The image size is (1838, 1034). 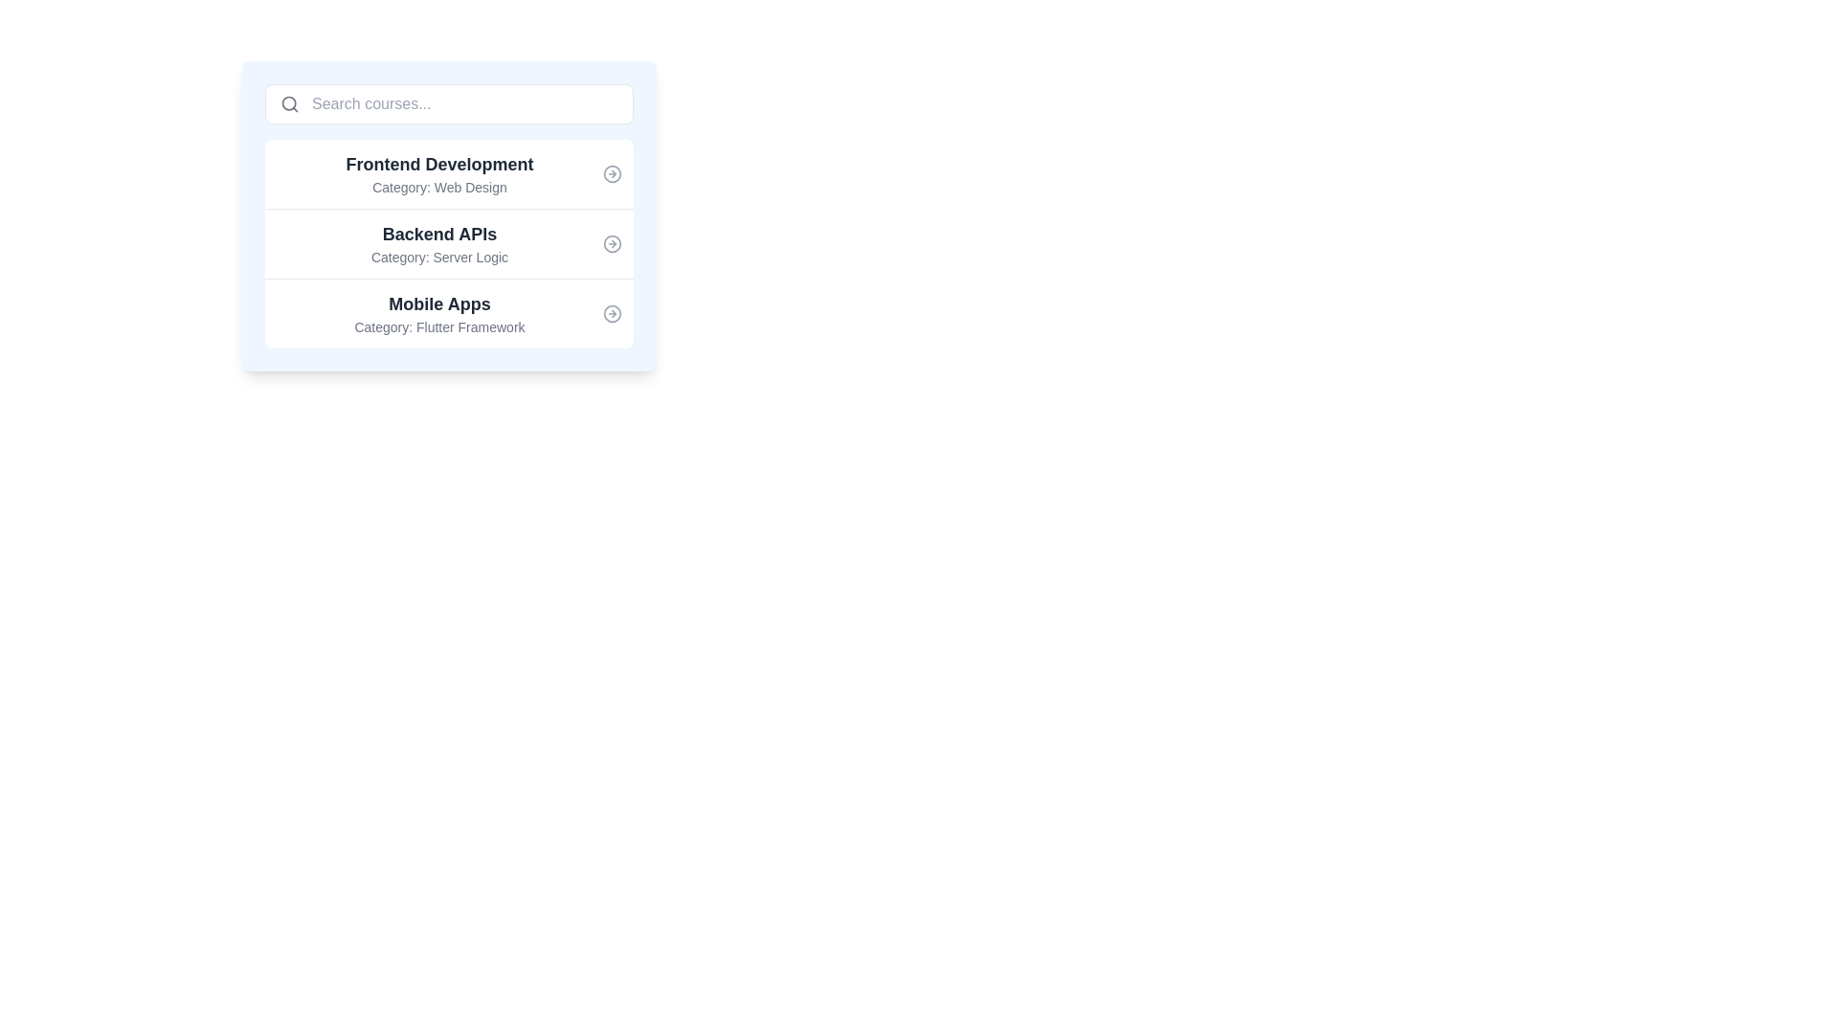 What do you see at coordinates (438, 312) in the screenshot?
I see `the third text-based selectable list item labeled 'Mobile Apps' to initiate an action related to it` at bounding box center [438, 312].